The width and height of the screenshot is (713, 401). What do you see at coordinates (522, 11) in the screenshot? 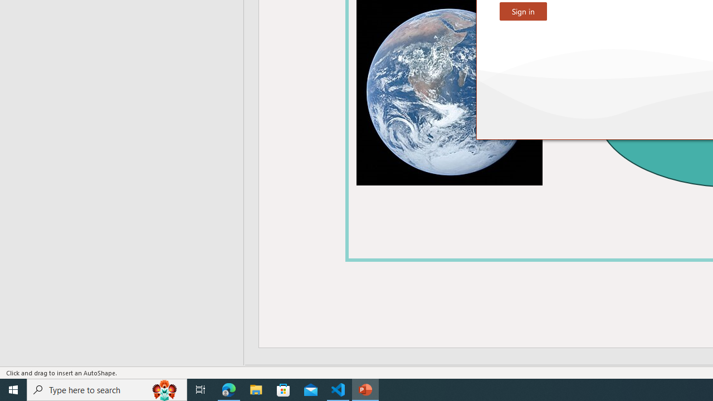
I see `'Sign in'` at bounding box center [522, 11].